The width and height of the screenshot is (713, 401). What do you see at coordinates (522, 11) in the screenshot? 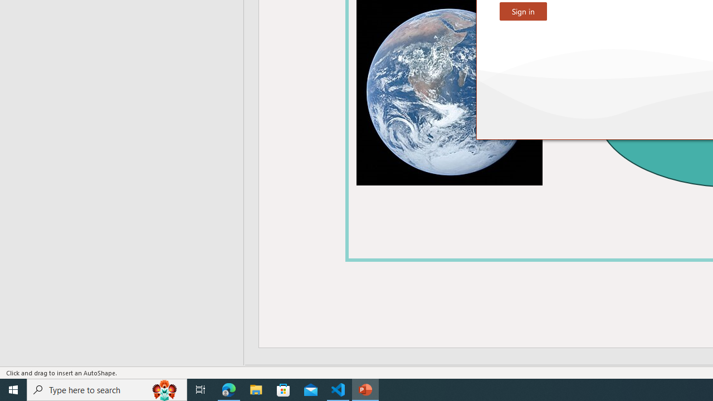
I see `'Sign in'` at bounding box center [522, 11].